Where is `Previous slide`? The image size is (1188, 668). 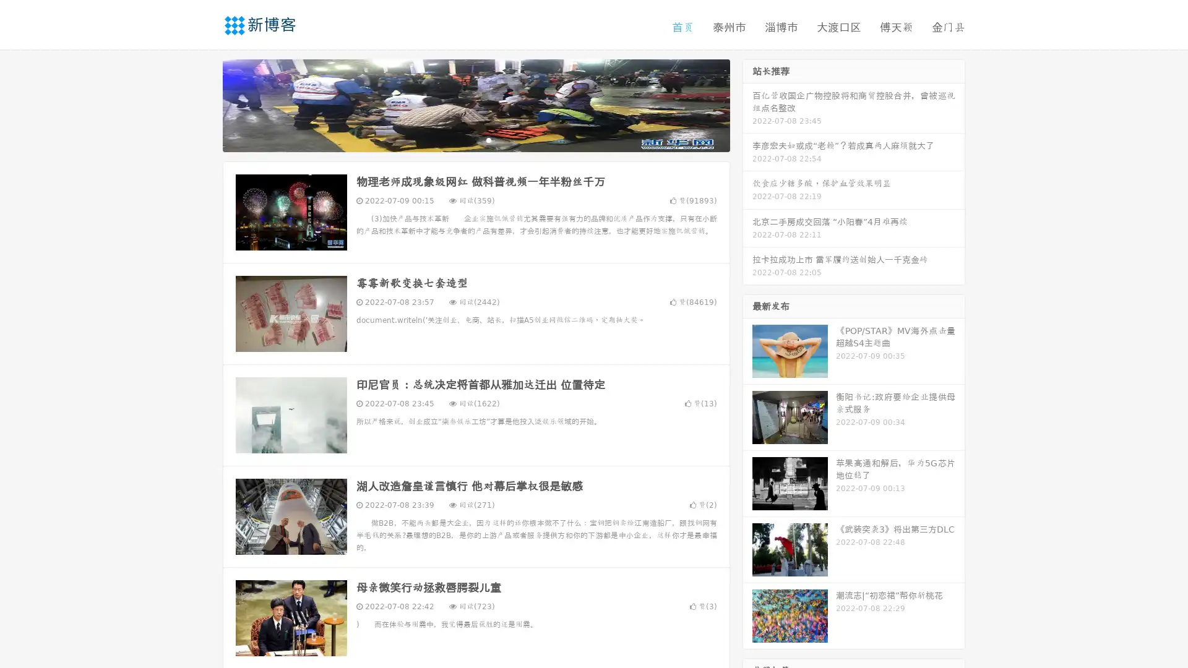 Previous slide is located at coordinates (204, 104).